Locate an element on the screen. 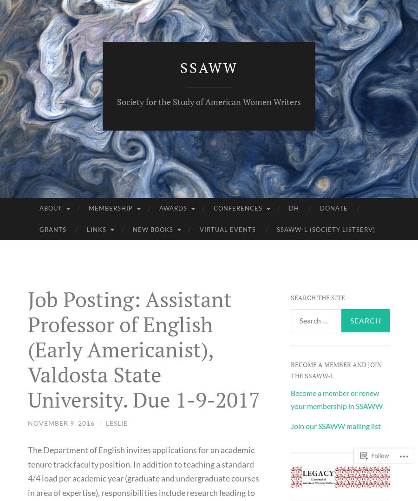  'Become a member or renew your membership in SSAWW' is located at coordinates (335, 398).